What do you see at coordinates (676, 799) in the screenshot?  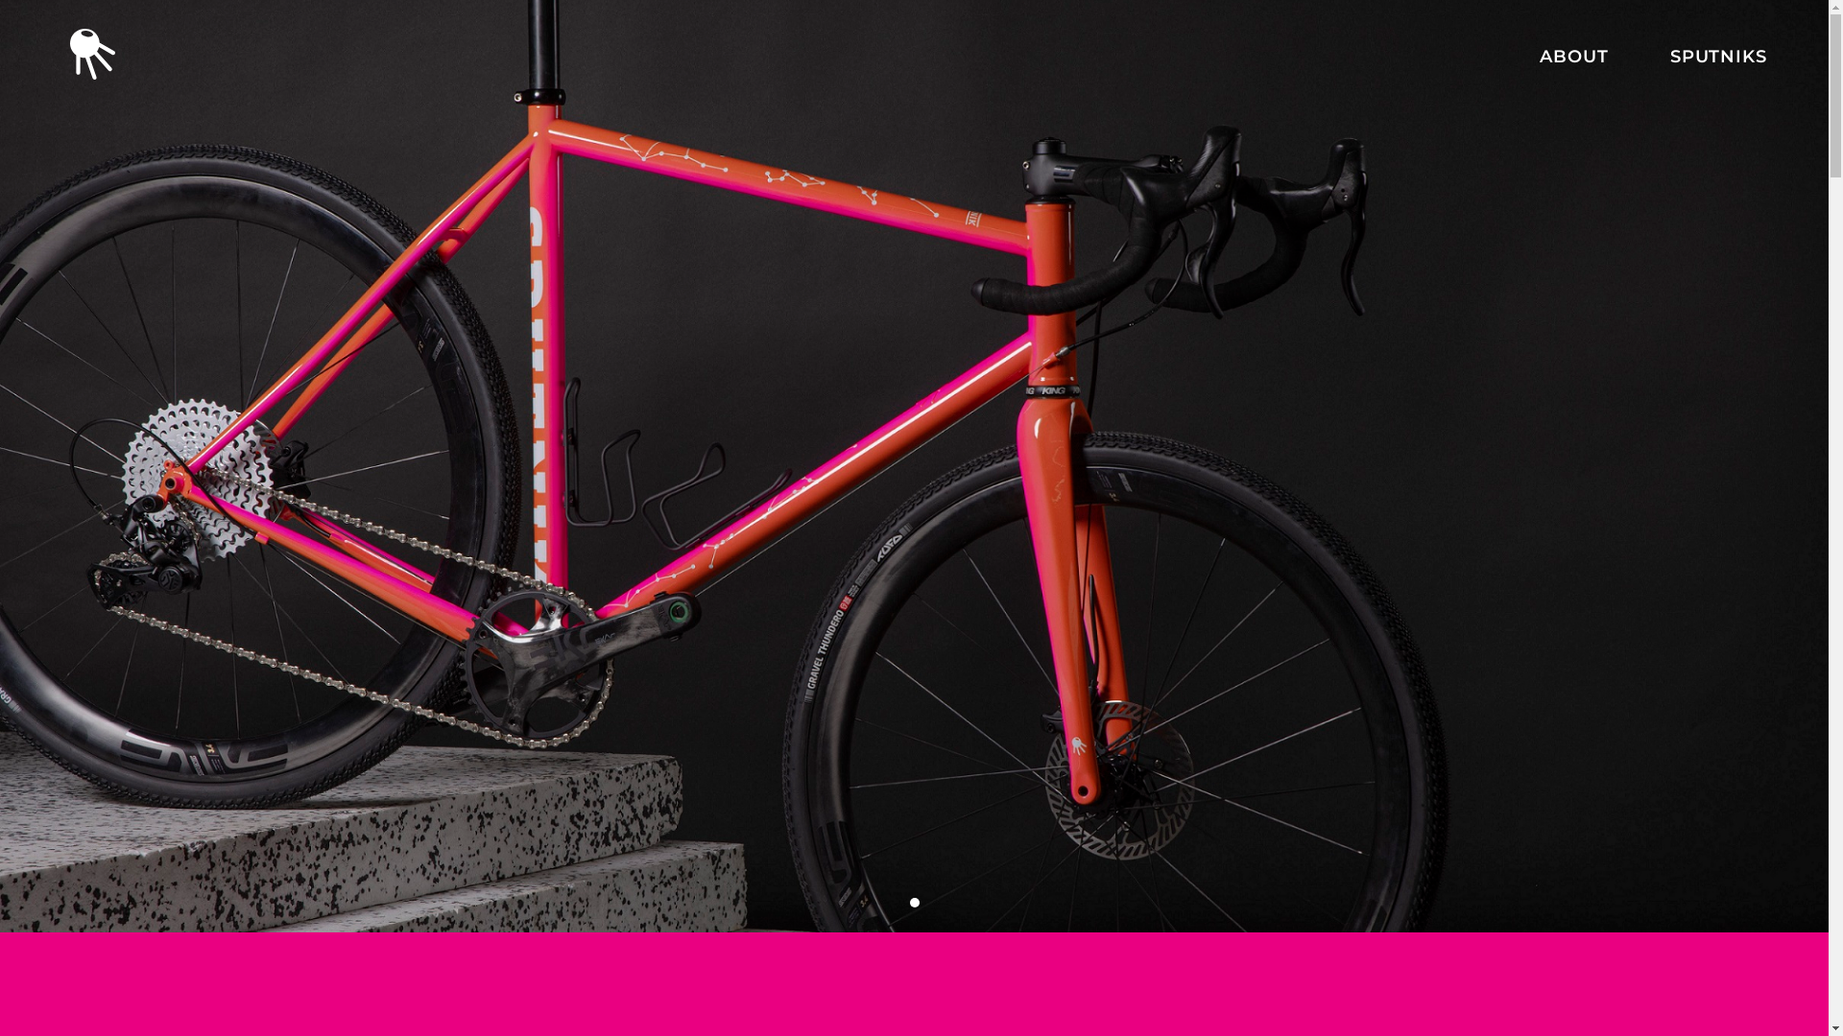 I see `'hello@wearesputnik.cc'` at bounding box center [676, 799].